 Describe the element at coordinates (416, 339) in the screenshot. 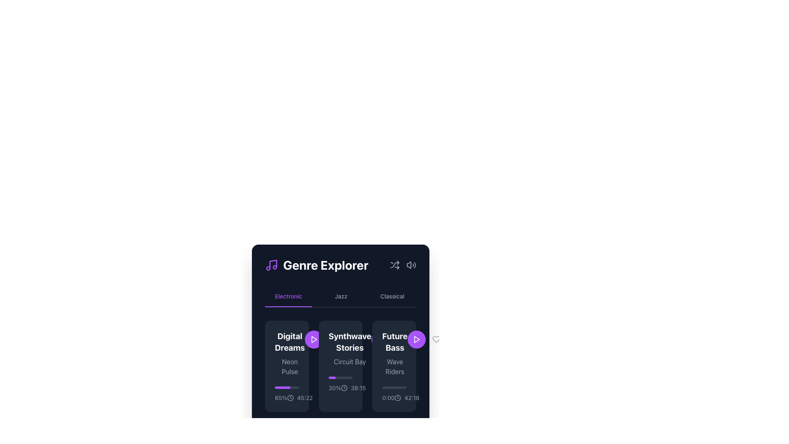

I see `the playback button located next to the 'Future Bass' card in the genre explorer interface to initiate playback of the associated content` at that location.